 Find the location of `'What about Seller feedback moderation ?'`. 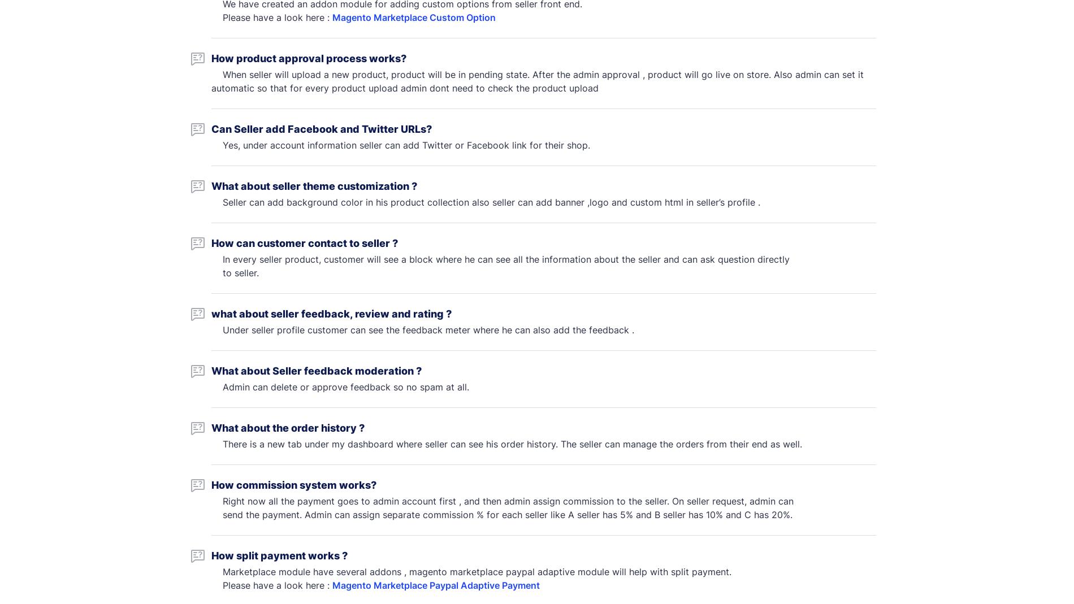

'What about Seller feedback moderation ?' is located at coordinates (316, 370).